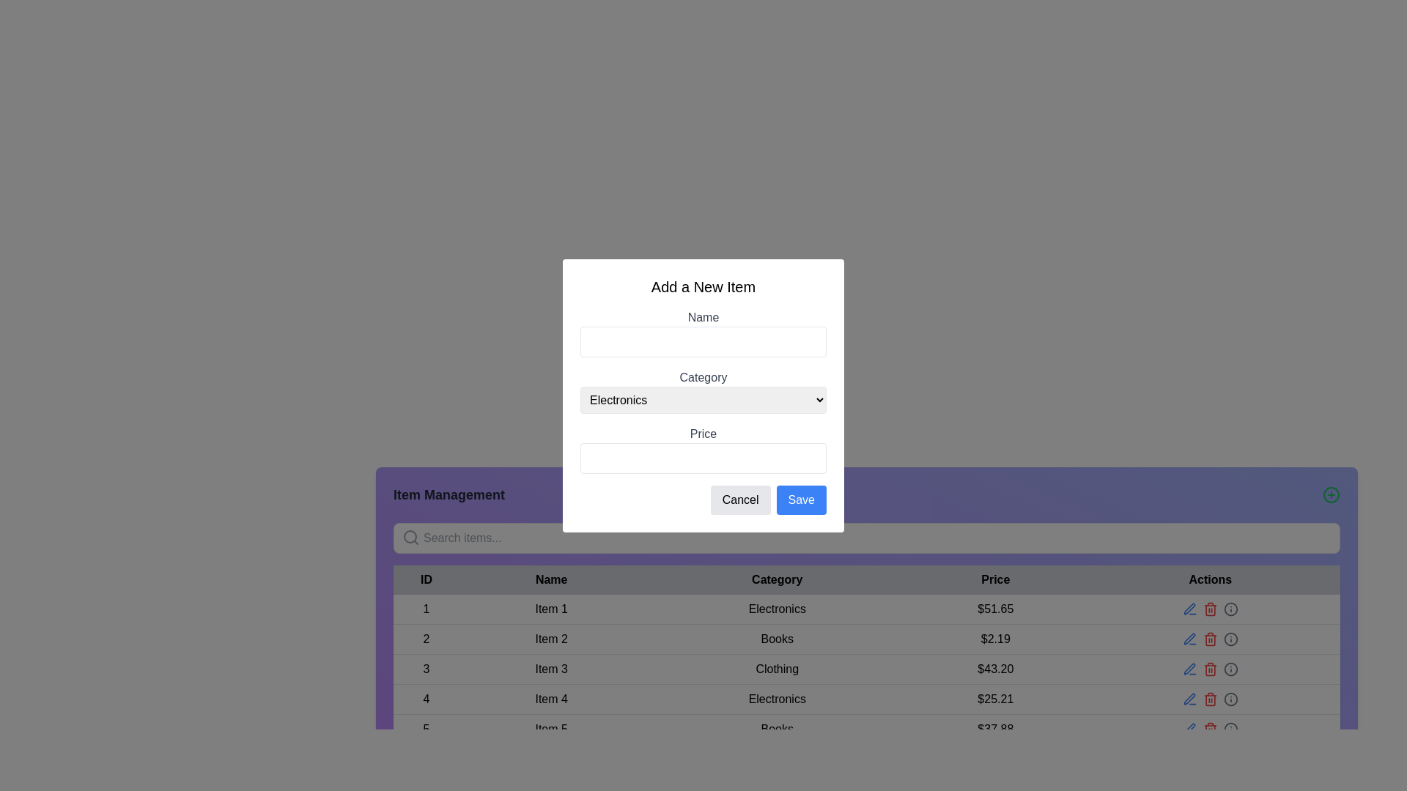 The image size is (1407, 791). What do you see at coordinates (425, 669) in the screenshot?
I see `the Text label in the third row of the table under the 'ID' column, which serves as an identifier for the corresponding entry with a unique ID` at bounding box center [425, 669].